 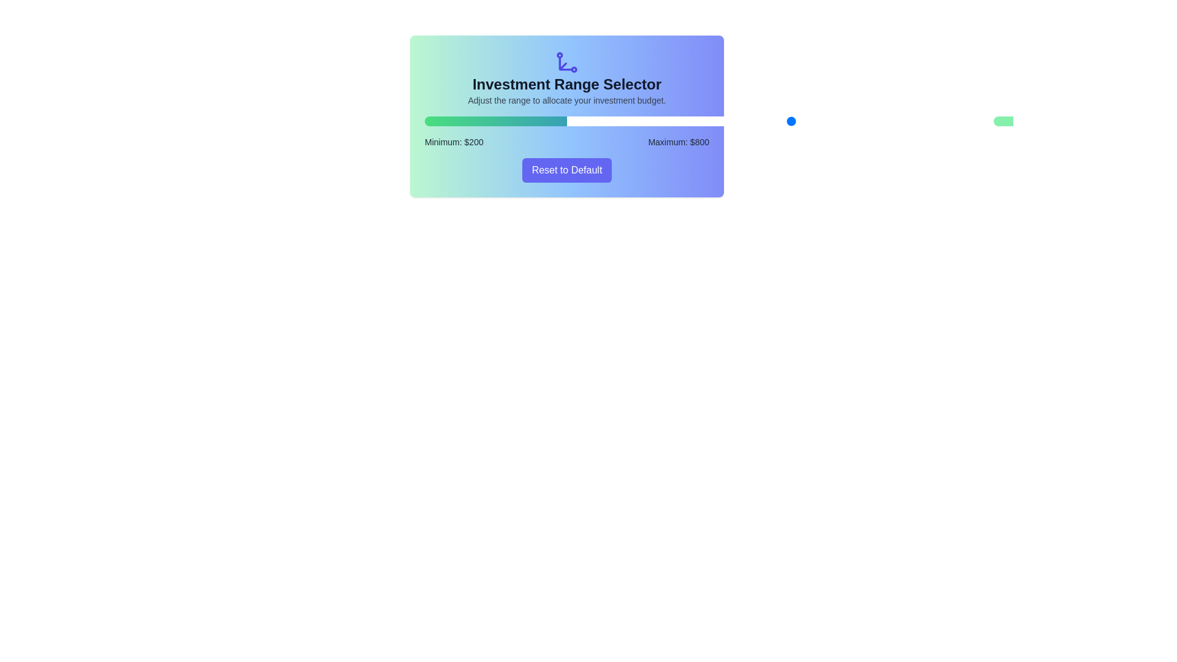 I want to click on the maximum investment range to 637 by dragging the right slider, so click(x=773, y=121).